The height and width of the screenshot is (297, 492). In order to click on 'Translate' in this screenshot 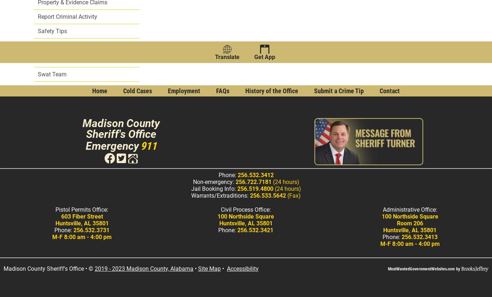, I will do `click(227, 57)`.